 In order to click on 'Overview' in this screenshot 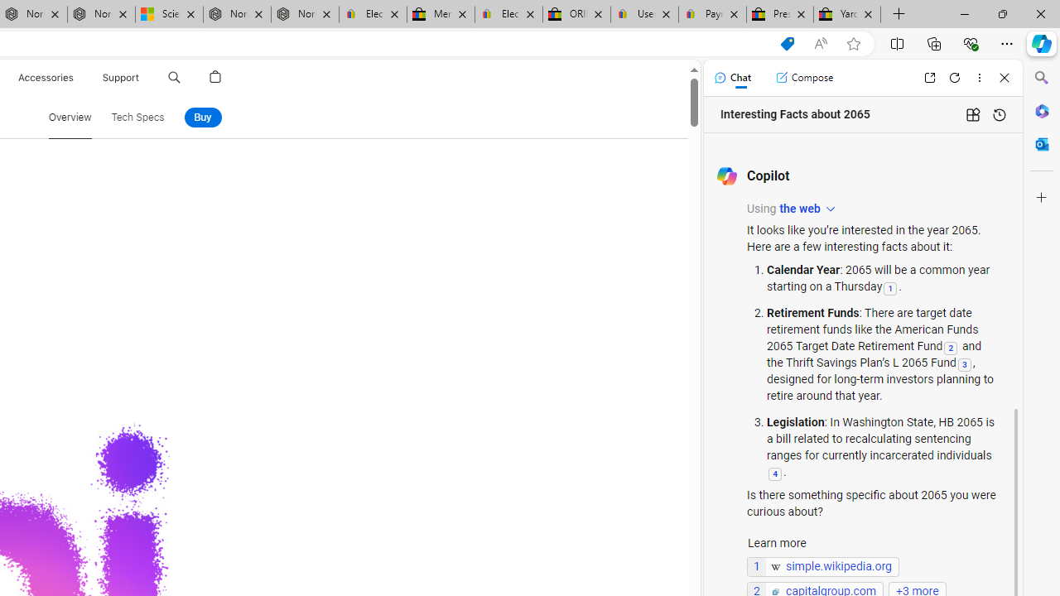, I will do `click(69, 116)`.